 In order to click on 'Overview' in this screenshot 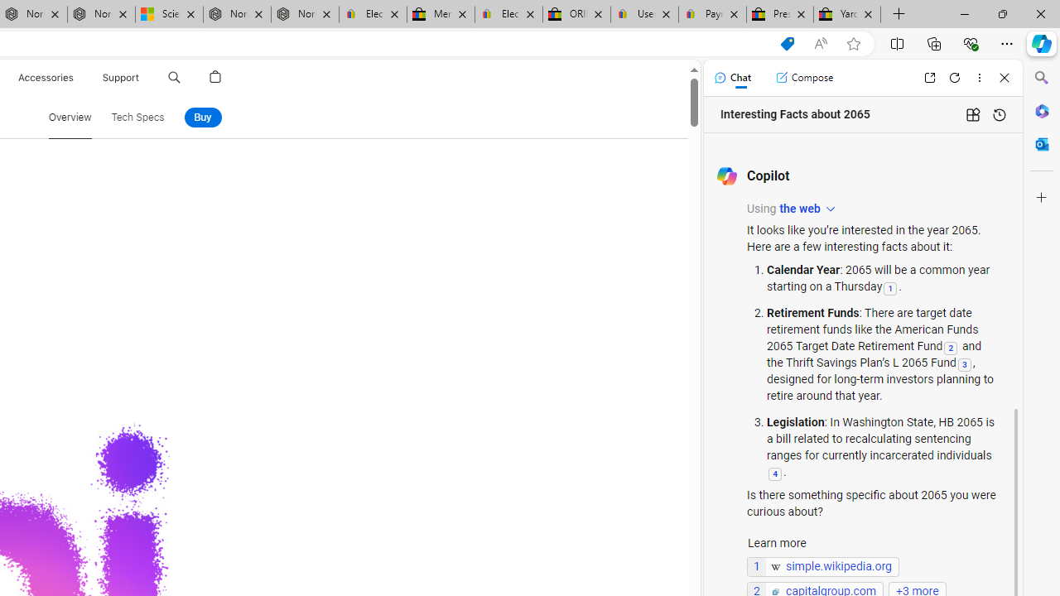, I will do `click(69, 116)`.